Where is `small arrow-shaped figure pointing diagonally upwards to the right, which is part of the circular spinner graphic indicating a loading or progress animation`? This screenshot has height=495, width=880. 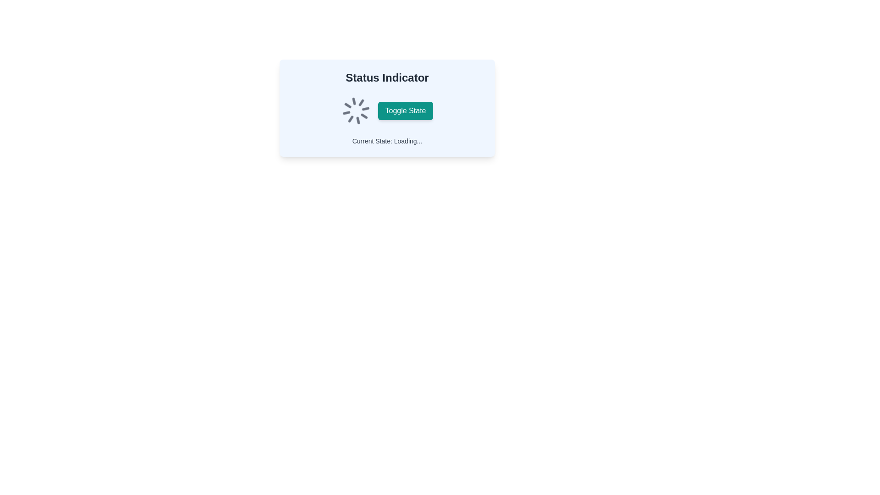
small arrow-shaped figure pointing diagonally upwards to the right, which is part of the circular spinner graphic indicating a loading or progress animation is located at coordinates (351, 119).